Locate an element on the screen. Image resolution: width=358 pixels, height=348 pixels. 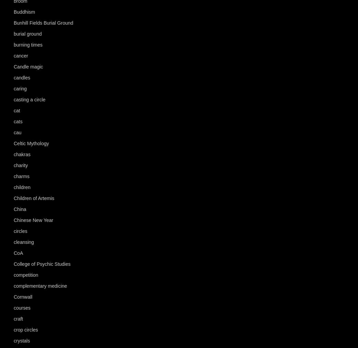
'craft' is located at coordinates (18, 318).